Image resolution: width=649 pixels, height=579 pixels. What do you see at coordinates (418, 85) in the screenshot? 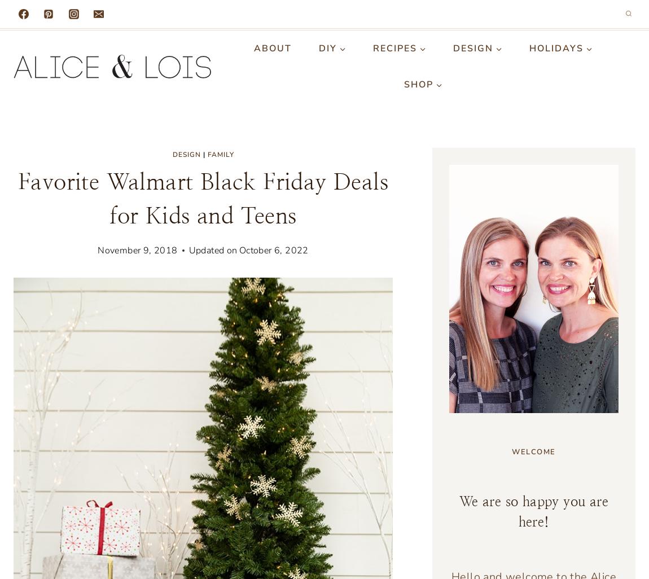
I see `'shop'` at bounding box center [418, 85].